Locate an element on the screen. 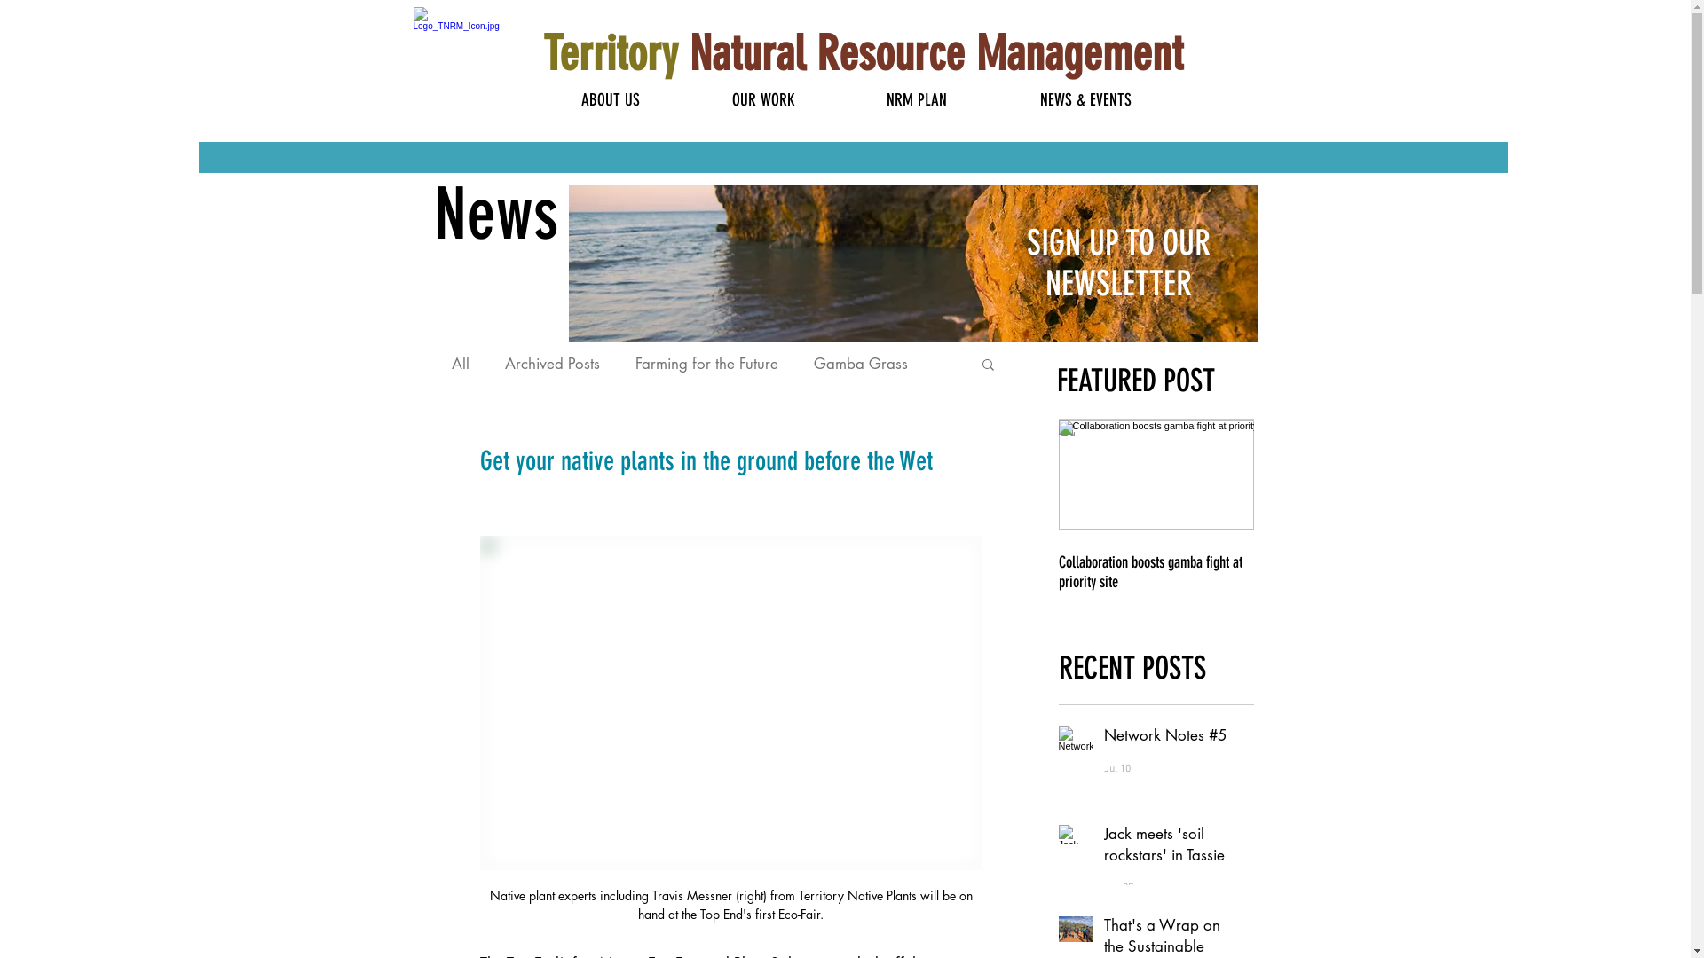  'Jack meets 'soil rockstars' in Tassie' is located at coordinates (1167, 847).